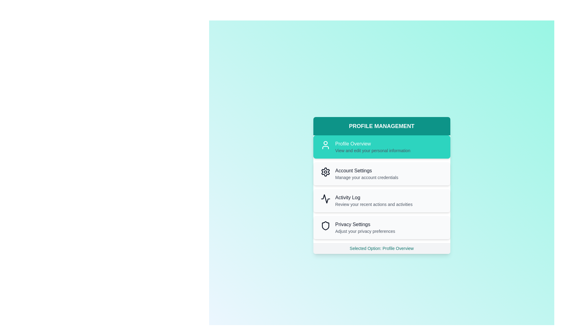 The height and width of the screenshot is (330, 587). What do you see at coordinates (381, 200) in the screenshot?
I see `the menu option Activity Log by clicking on it` at bounding box center [381, 200].